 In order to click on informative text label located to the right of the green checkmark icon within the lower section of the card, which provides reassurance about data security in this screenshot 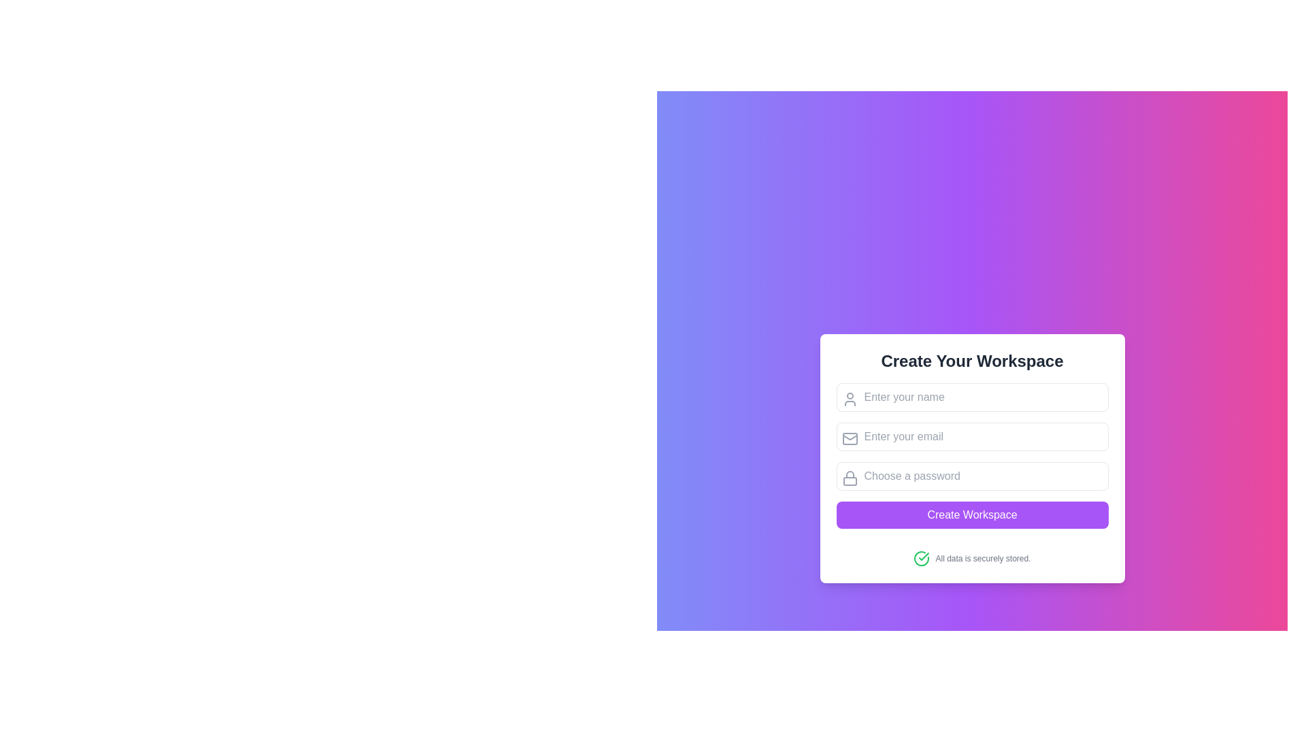, I will do `click(983, 559)`.